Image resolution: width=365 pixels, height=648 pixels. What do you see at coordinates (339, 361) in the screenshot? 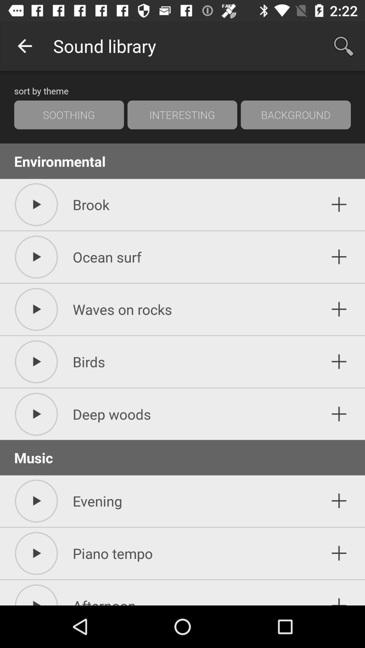
I see `sound` at bounding box center [339, 361].